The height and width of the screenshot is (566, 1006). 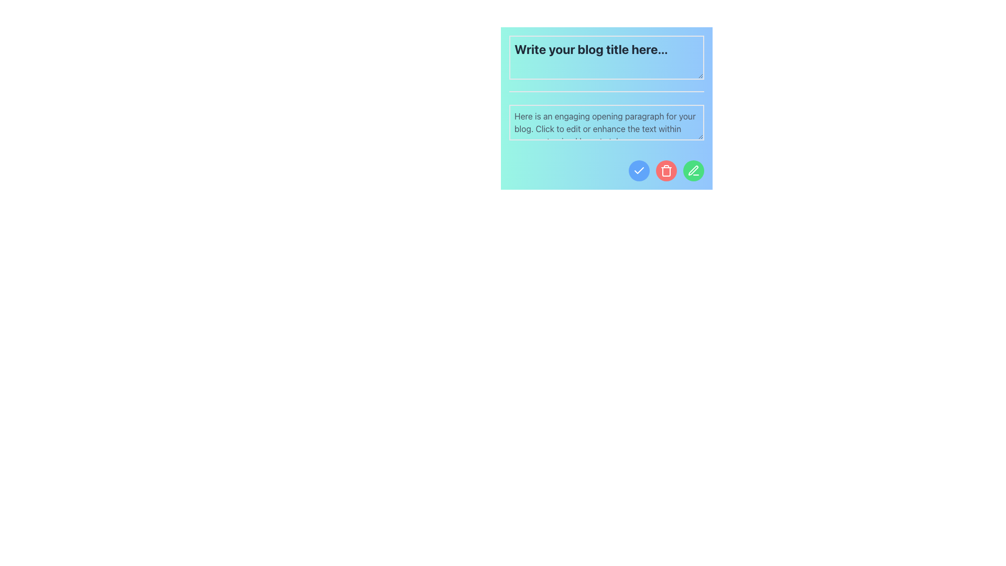 I want to click on the edit button, which is represented by a white pen icon inside a circular green button, located at the bottom right corner of the panel, so click(x=694, y=170).